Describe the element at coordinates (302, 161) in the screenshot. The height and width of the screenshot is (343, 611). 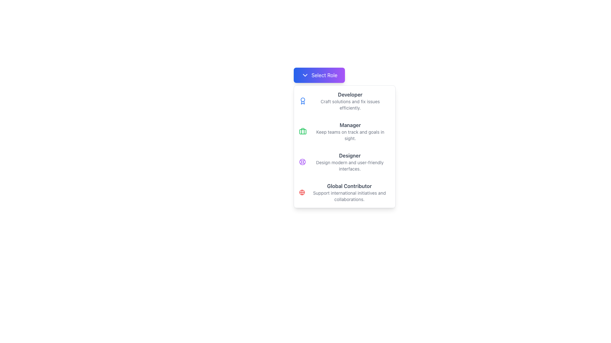
I see `the decorative icon representing the 'Designer' role, located to the left of the text 'Designer' in the role selection dropdown menu` at that location.